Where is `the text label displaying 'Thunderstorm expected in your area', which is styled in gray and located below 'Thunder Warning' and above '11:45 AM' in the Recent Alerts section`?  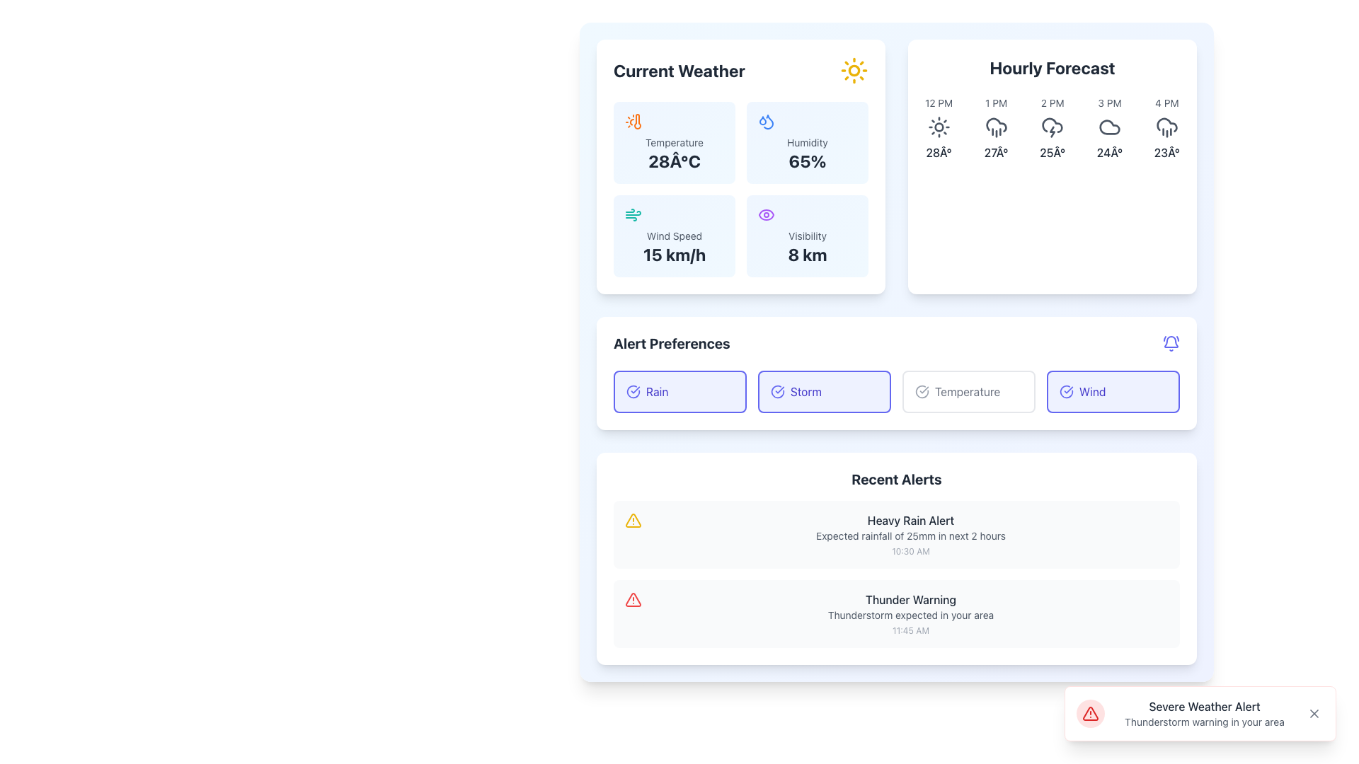 the text label displaying 'Thunderstorm expected in your area', which is styled in gray and located below 'Thunder Warning' and above '11:45 AM' in the Recent Alerts section is located at coordinates (910, 615).